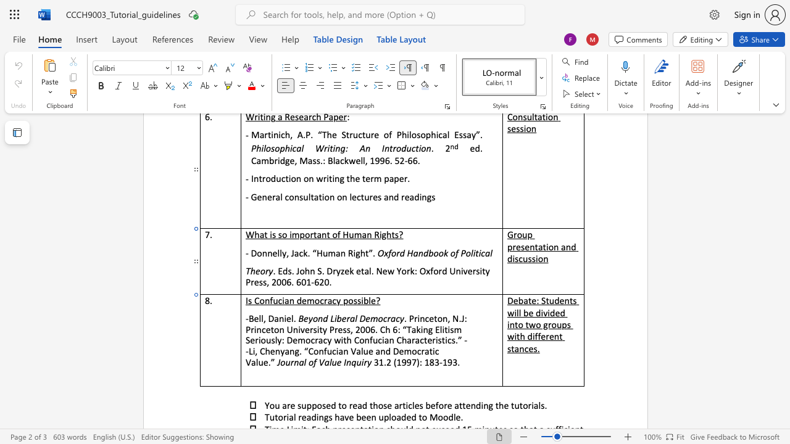 The width and height of the screenshot is (790, 444). Describe the element at coordinates (530, 258) in the screenshot. I see `the 3th character "s" in the text` at that location.